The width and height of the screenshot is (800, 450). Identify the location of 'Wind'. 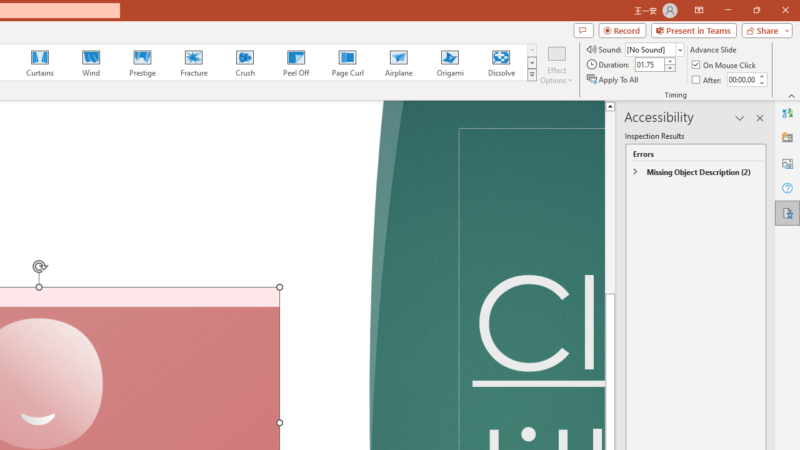
(90, 62).